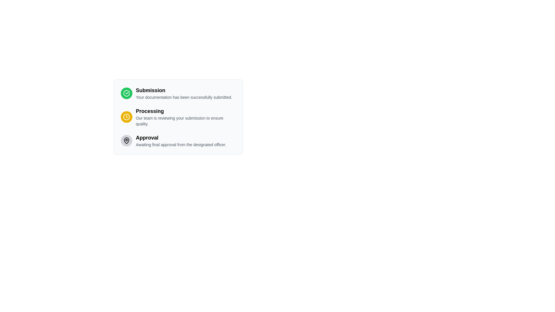 This screenshot has width=555, height=312. I want to click on the Status Update Item that indicates the current processing status of the submission, which is the second entry in a vertical list of stages (Submission, Processing, Approval), so click(178, 117).